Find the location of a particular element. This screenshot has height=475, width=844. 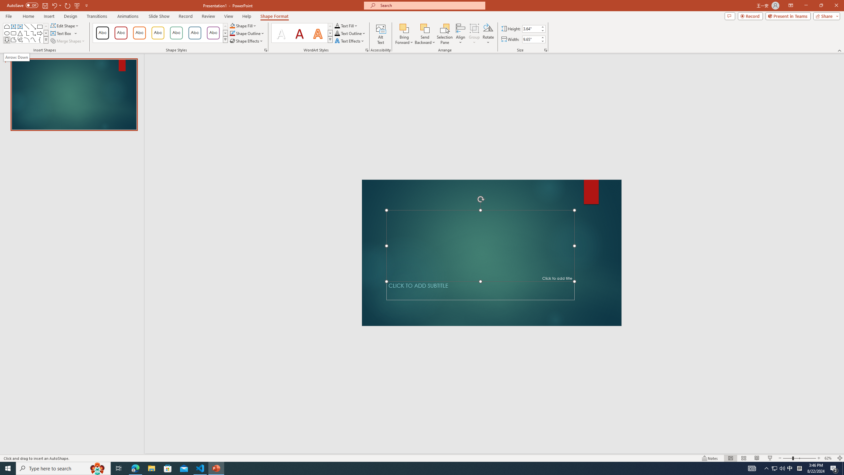

'Draw Horizontal Text Box' is located at coordinates (61, 33).